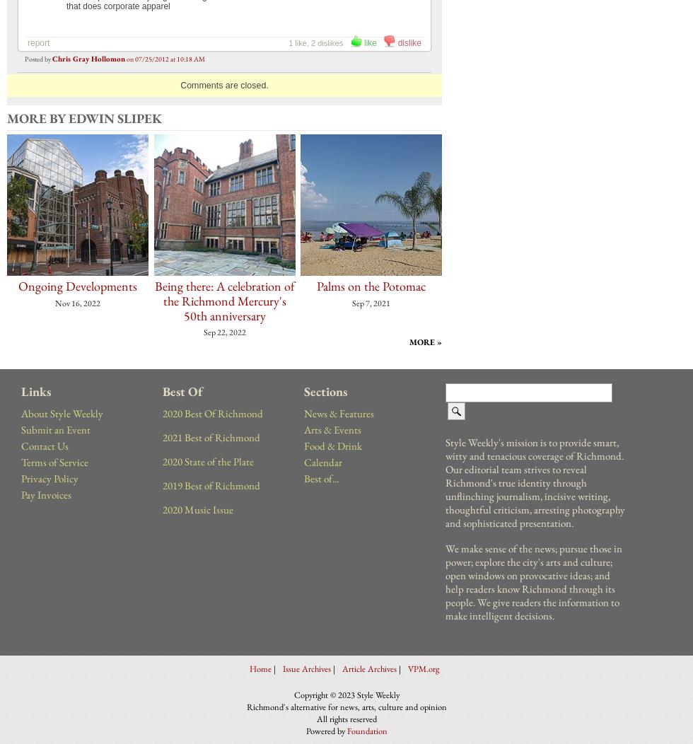 The width and height of the screenshot is (693, 744). What do you see at coordinates (197, 509) in the screenshot?
I see `'2020 Music Issue'` at bounding box center [197, 509].